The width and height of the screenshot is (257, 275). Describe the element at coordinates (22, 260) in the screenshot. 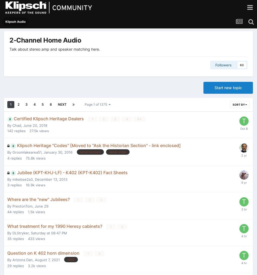

I see `'Arizona Dan'` at that location.